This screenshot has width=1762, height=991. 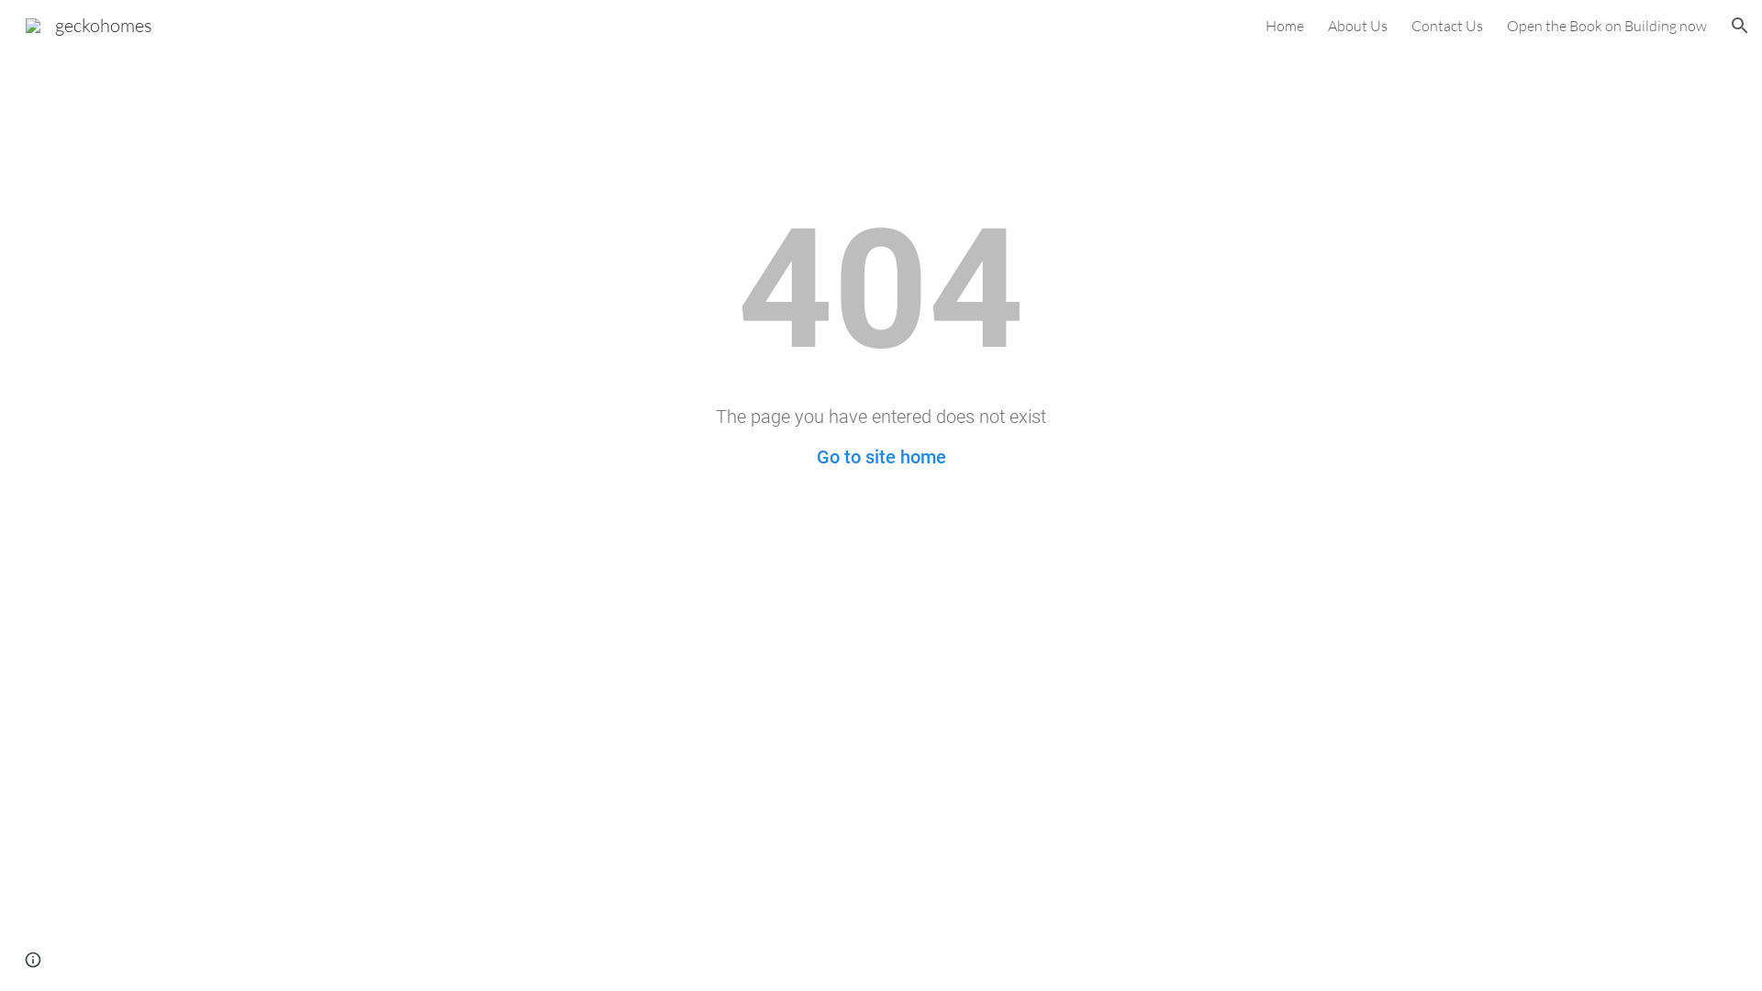 What do you see at coordinates (87, 23) in the screenshot?
I see `'geckohomes'` at bounding box center [87, 23].